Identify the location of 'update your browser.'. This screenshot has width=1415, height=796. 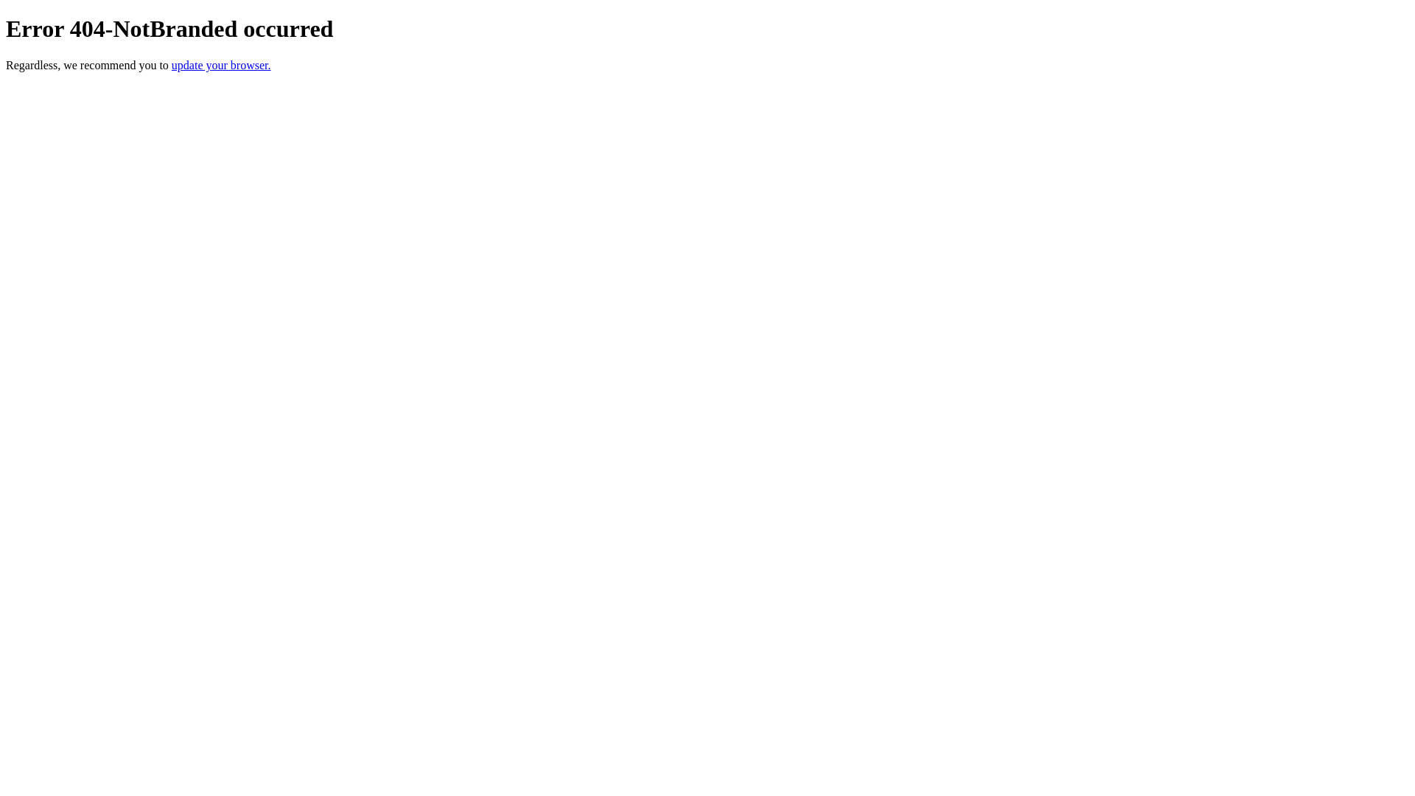
(172, 64).